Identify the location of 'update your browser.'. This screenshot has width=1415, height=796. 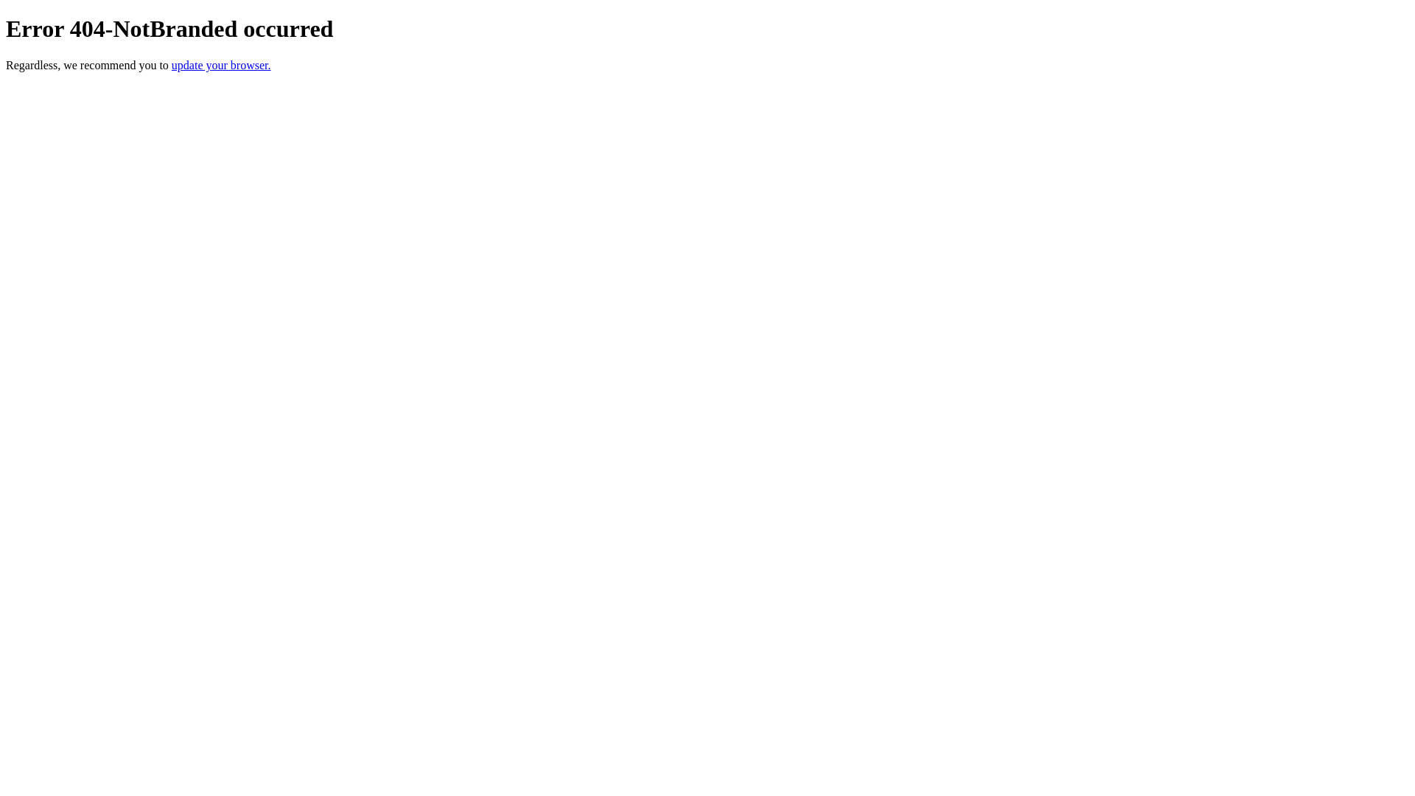
(172, 64).